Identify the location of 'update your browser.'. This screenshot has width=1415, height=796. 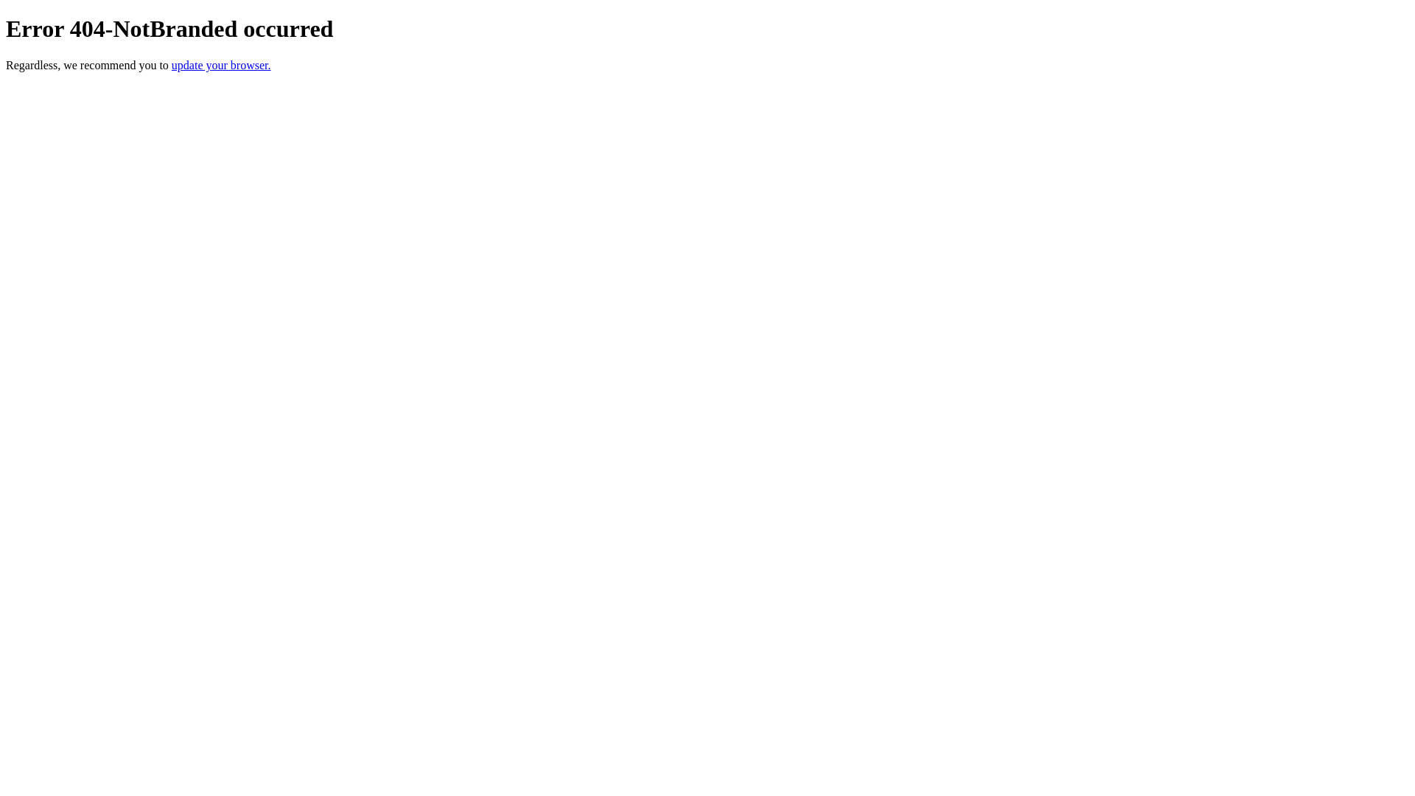
(172, 64).